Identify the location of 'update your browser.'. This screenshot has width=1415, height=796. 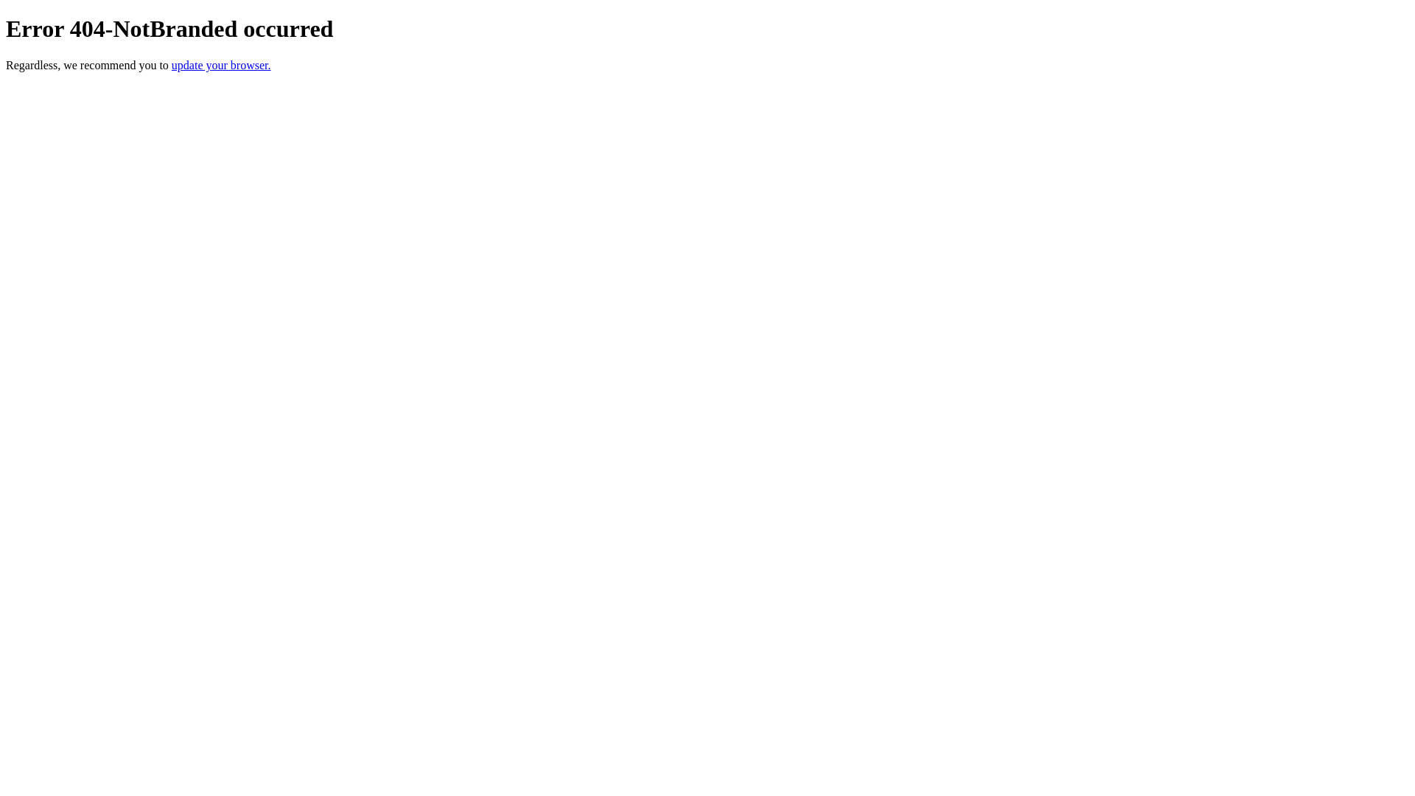
(172, 64).